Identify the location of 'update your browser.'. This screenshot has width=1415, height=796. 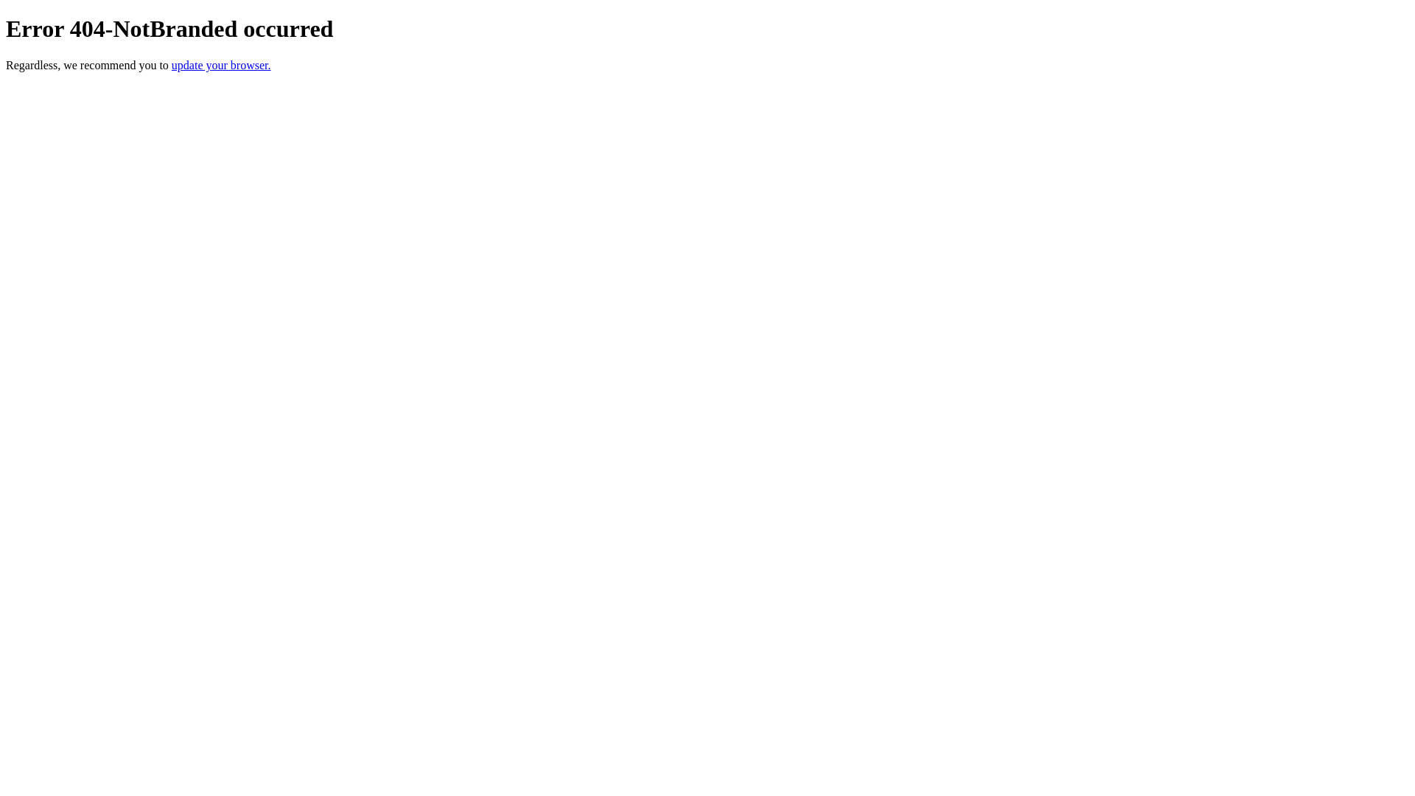
(172, 64).